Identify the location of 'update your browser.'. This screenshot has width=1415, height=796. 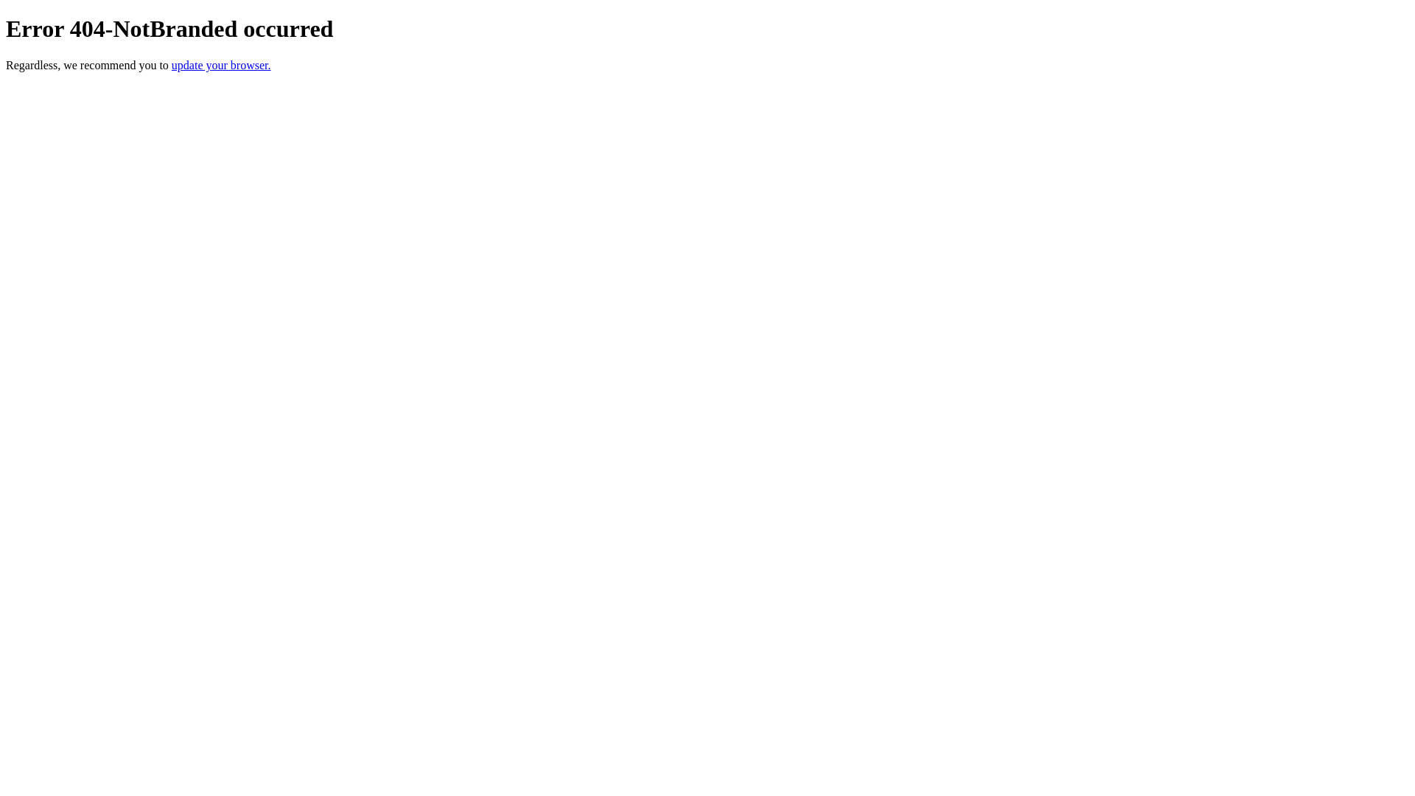
(172, 64).